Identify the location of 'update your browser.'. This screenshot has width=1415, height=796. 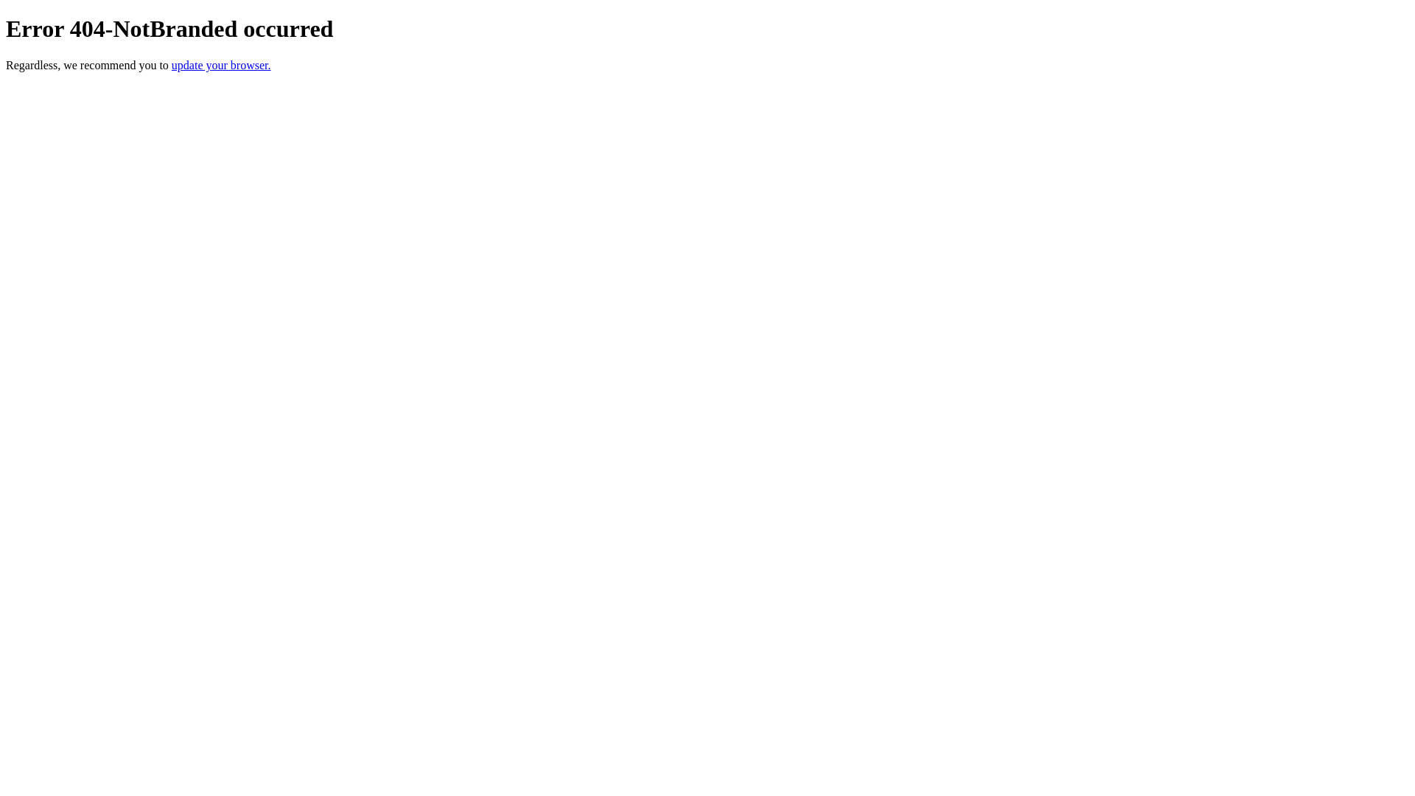
(172, 64).